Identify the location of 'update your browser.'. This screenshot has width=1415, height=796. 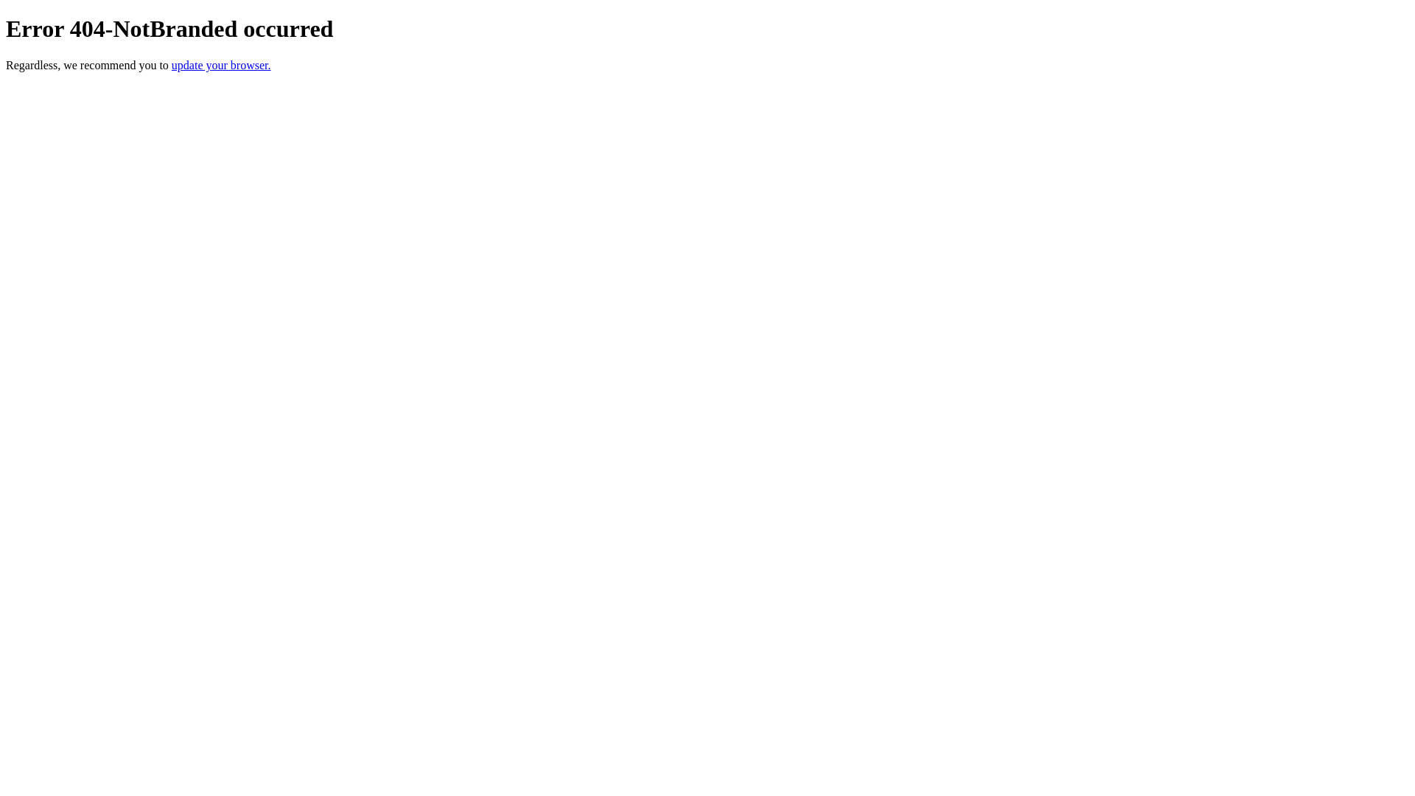
(172, 64).